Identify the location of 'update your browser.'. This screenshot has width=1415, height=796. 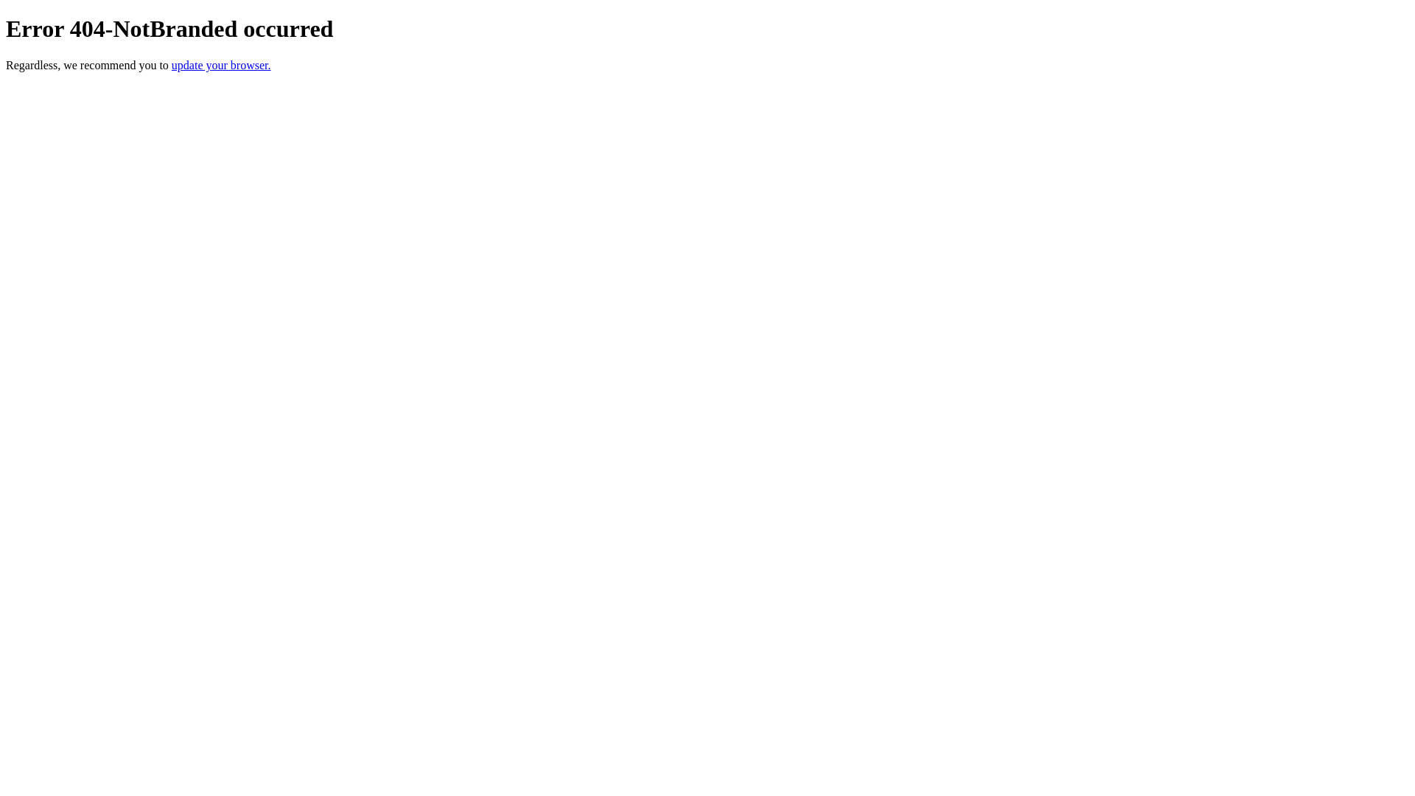
(172, 64).